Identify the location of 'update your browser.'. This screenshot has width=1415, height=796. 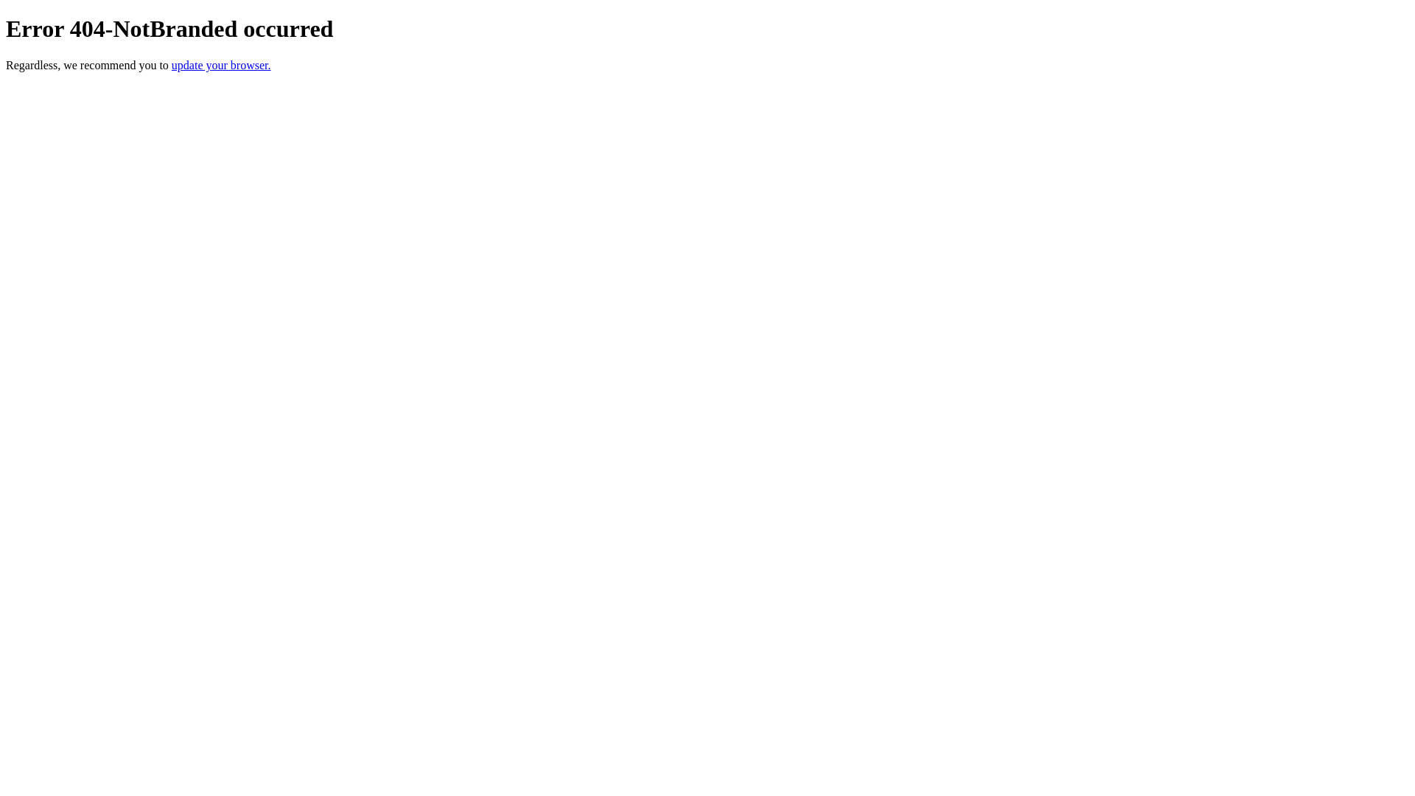
(172, 64).